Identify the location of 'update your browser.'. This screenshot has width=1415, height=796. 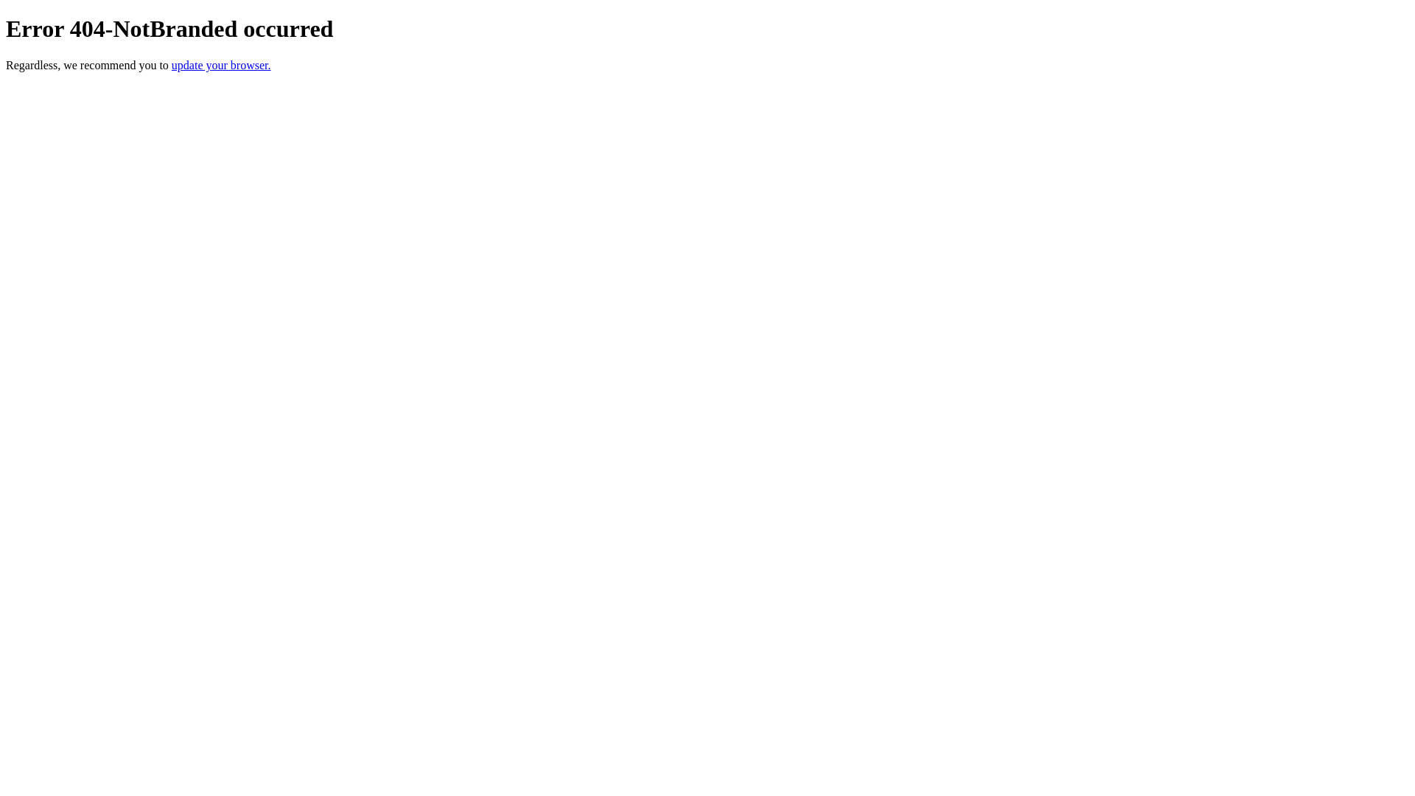
(172, 64).